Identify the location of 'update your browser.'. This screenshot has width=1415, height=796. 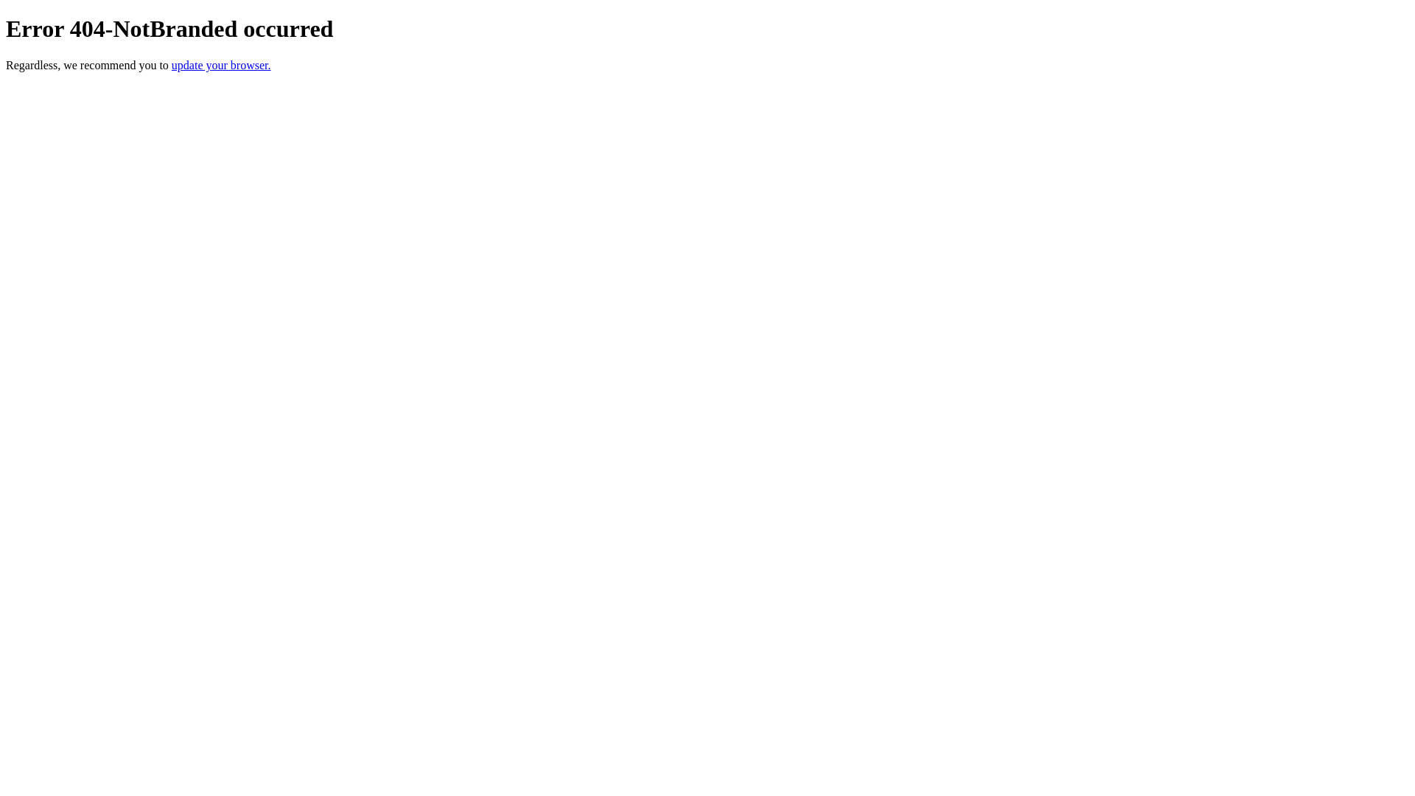
(172, 64).